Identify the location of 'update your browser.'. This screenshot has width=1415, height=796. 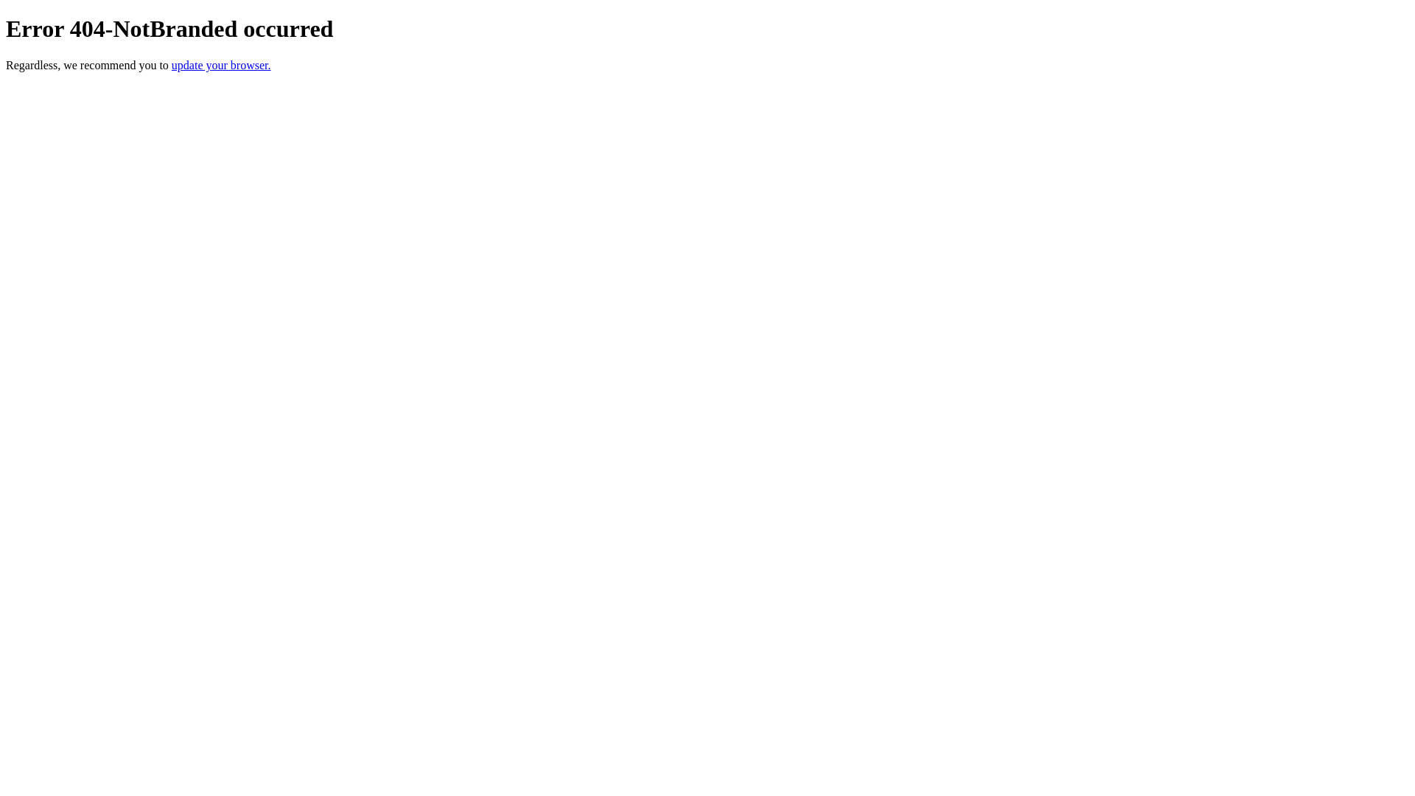
(172, 64).